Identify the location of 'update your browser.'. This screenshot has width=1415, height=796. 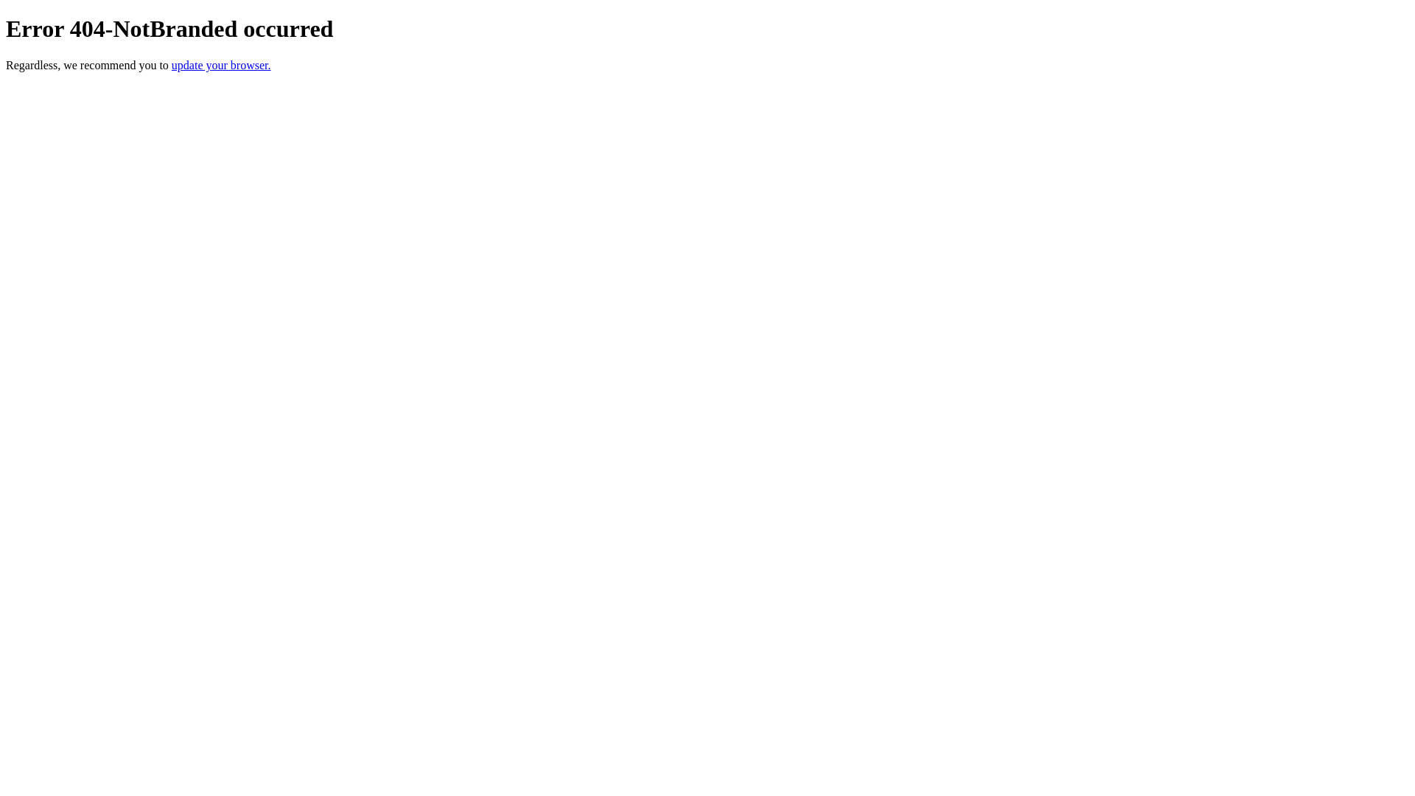
(172, 64).